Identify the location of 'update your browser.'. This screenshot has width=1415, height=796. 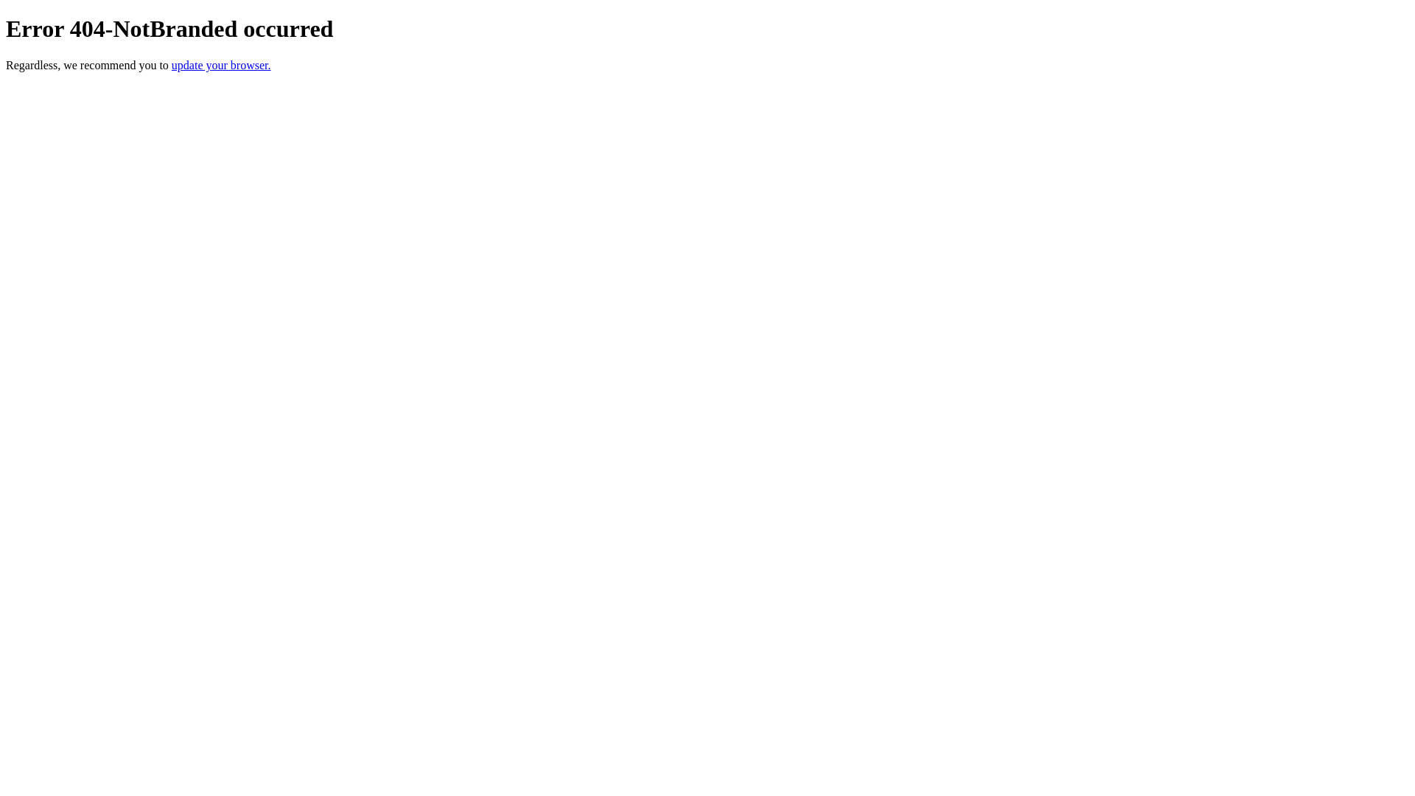
(172, 64).